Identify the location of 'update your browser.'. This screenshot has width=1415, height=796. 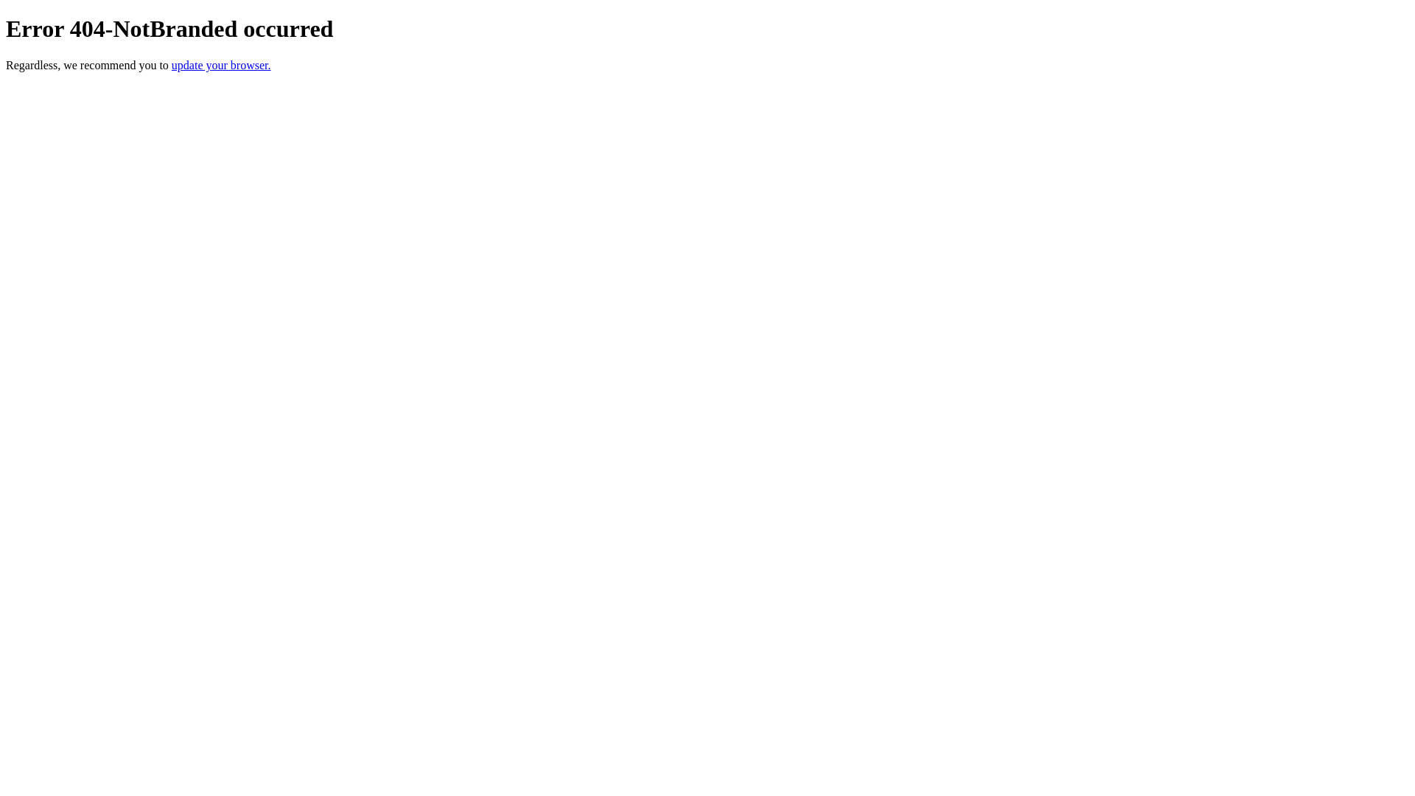
(172, 64).